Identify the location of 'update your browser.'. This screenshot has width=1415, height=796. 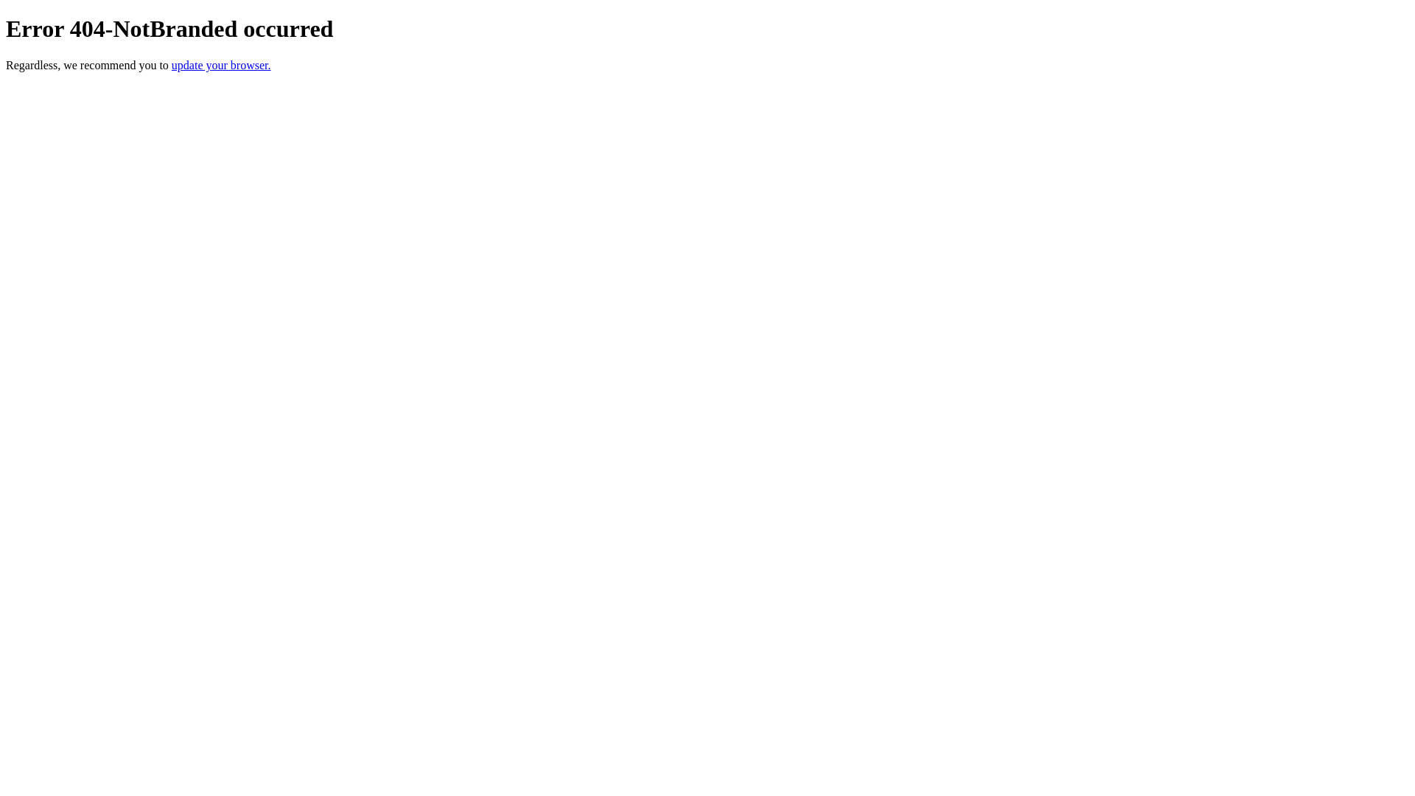
(172, 64).